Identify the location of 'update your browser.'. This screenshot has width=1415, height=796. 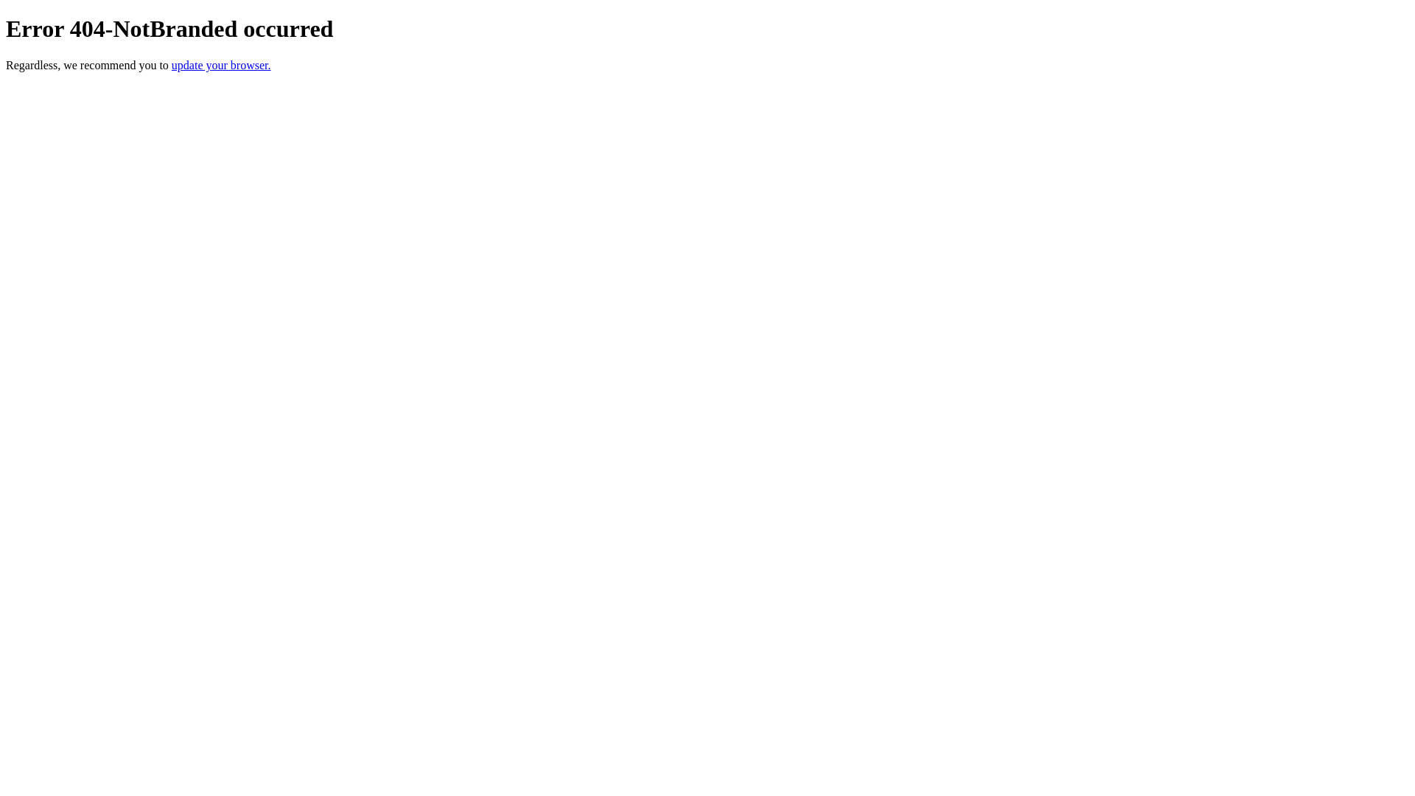
(172, 64).